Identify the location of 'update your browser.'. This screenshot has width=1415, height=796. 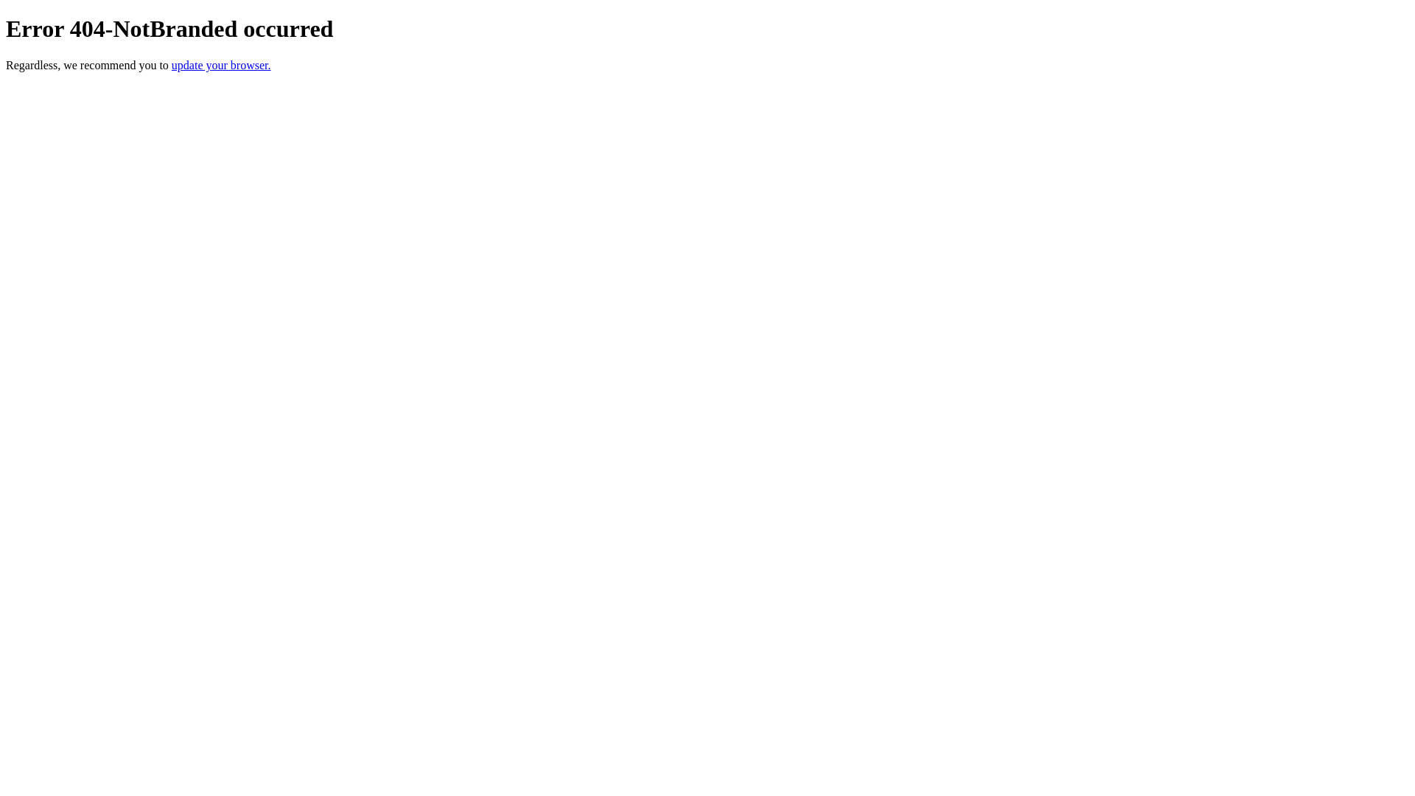
(172, 64).